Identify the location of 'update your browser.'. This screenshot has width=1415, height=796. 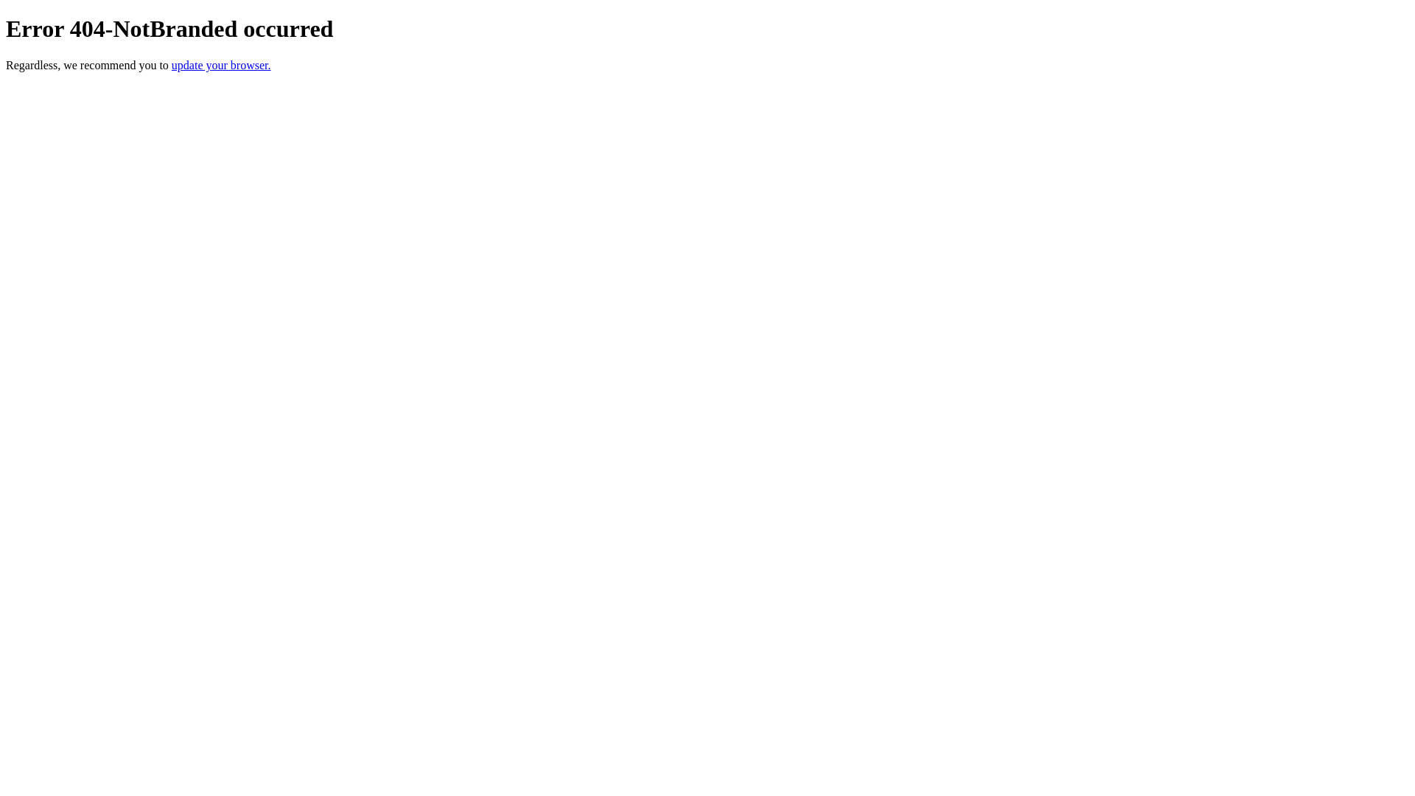
(172, 64).